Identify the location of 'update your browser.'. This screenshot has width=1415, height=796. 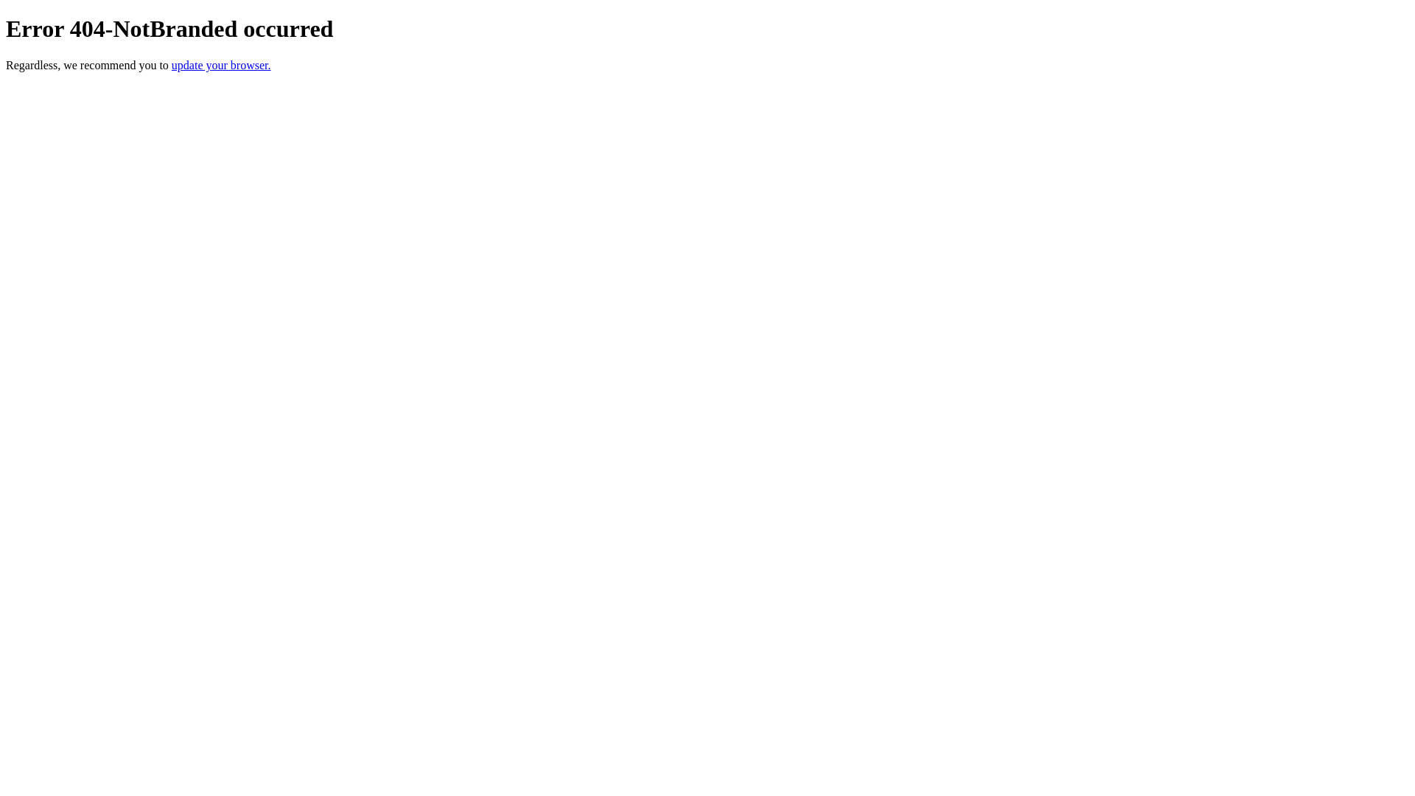
(172, 64).